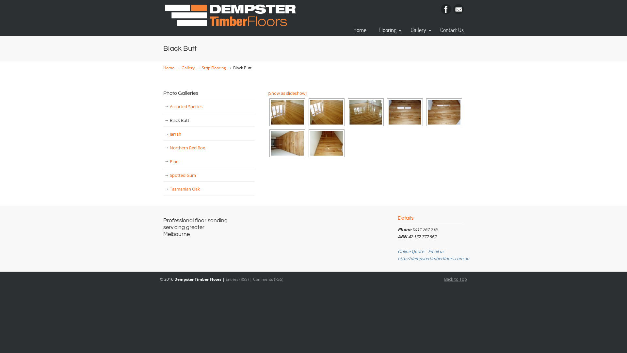 This screenshot has width=627, height=353. Describe the element at coordinates (208, 189) in the screenshot. I see `'Tasmanian Oak'` at that location.